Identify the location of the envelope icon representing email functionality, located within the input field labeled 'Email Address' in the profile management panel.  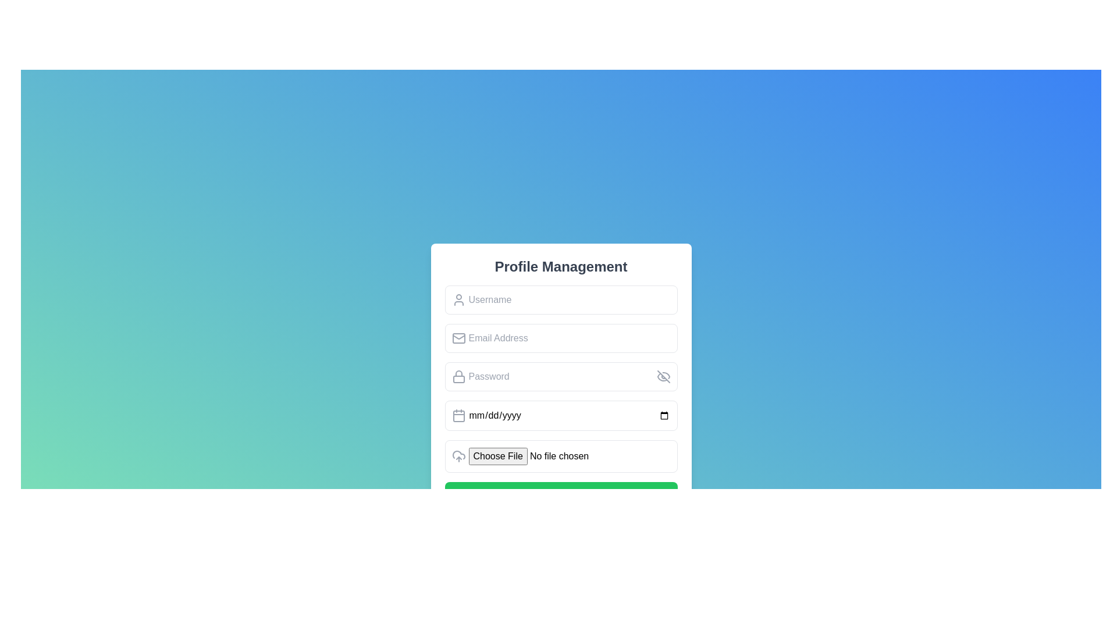
(458, 337).